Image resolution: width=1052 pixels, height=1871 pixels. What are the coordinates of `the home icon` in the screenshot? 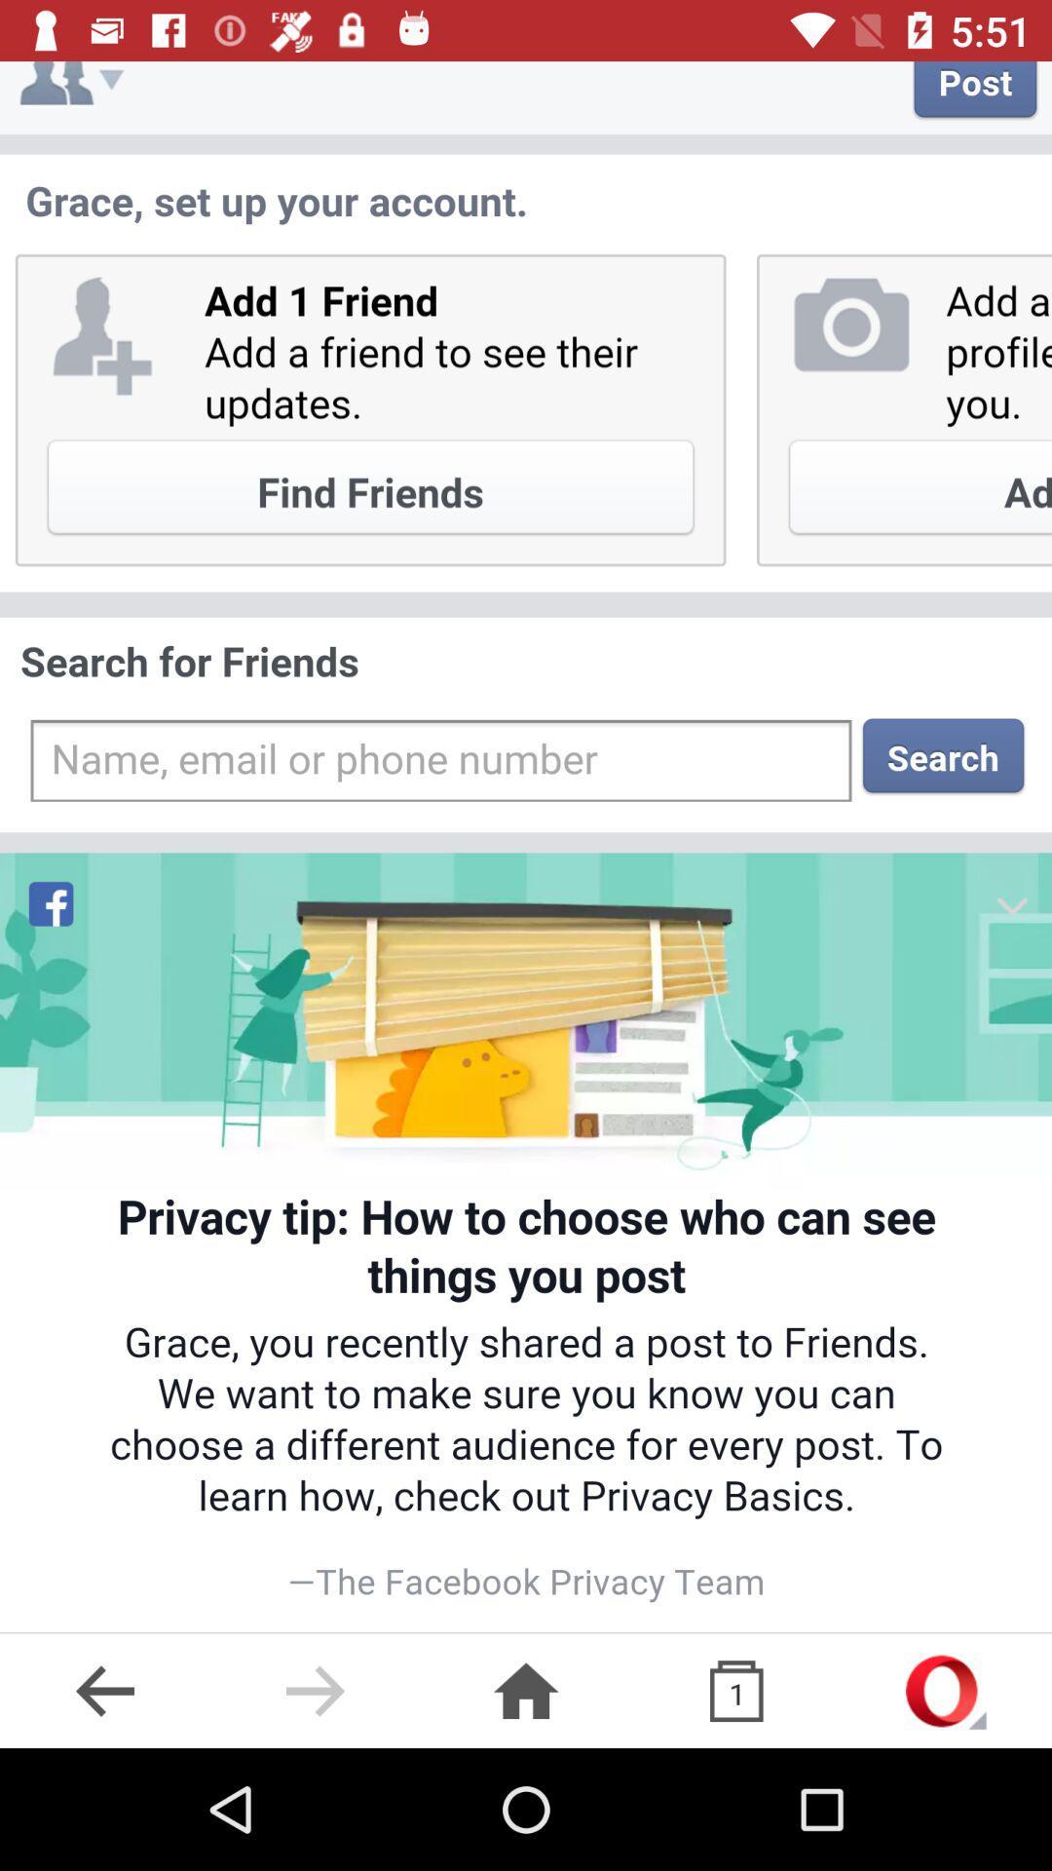 It's located at (526, 1690).